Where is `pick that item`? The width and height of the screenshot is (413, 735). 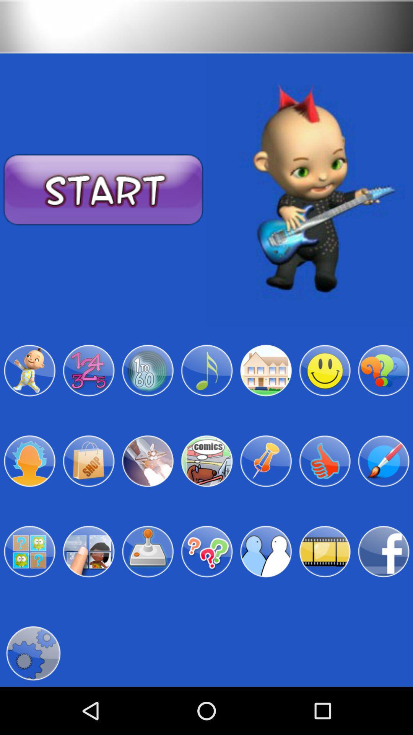 pick that item is located at coordinates (88, 461).